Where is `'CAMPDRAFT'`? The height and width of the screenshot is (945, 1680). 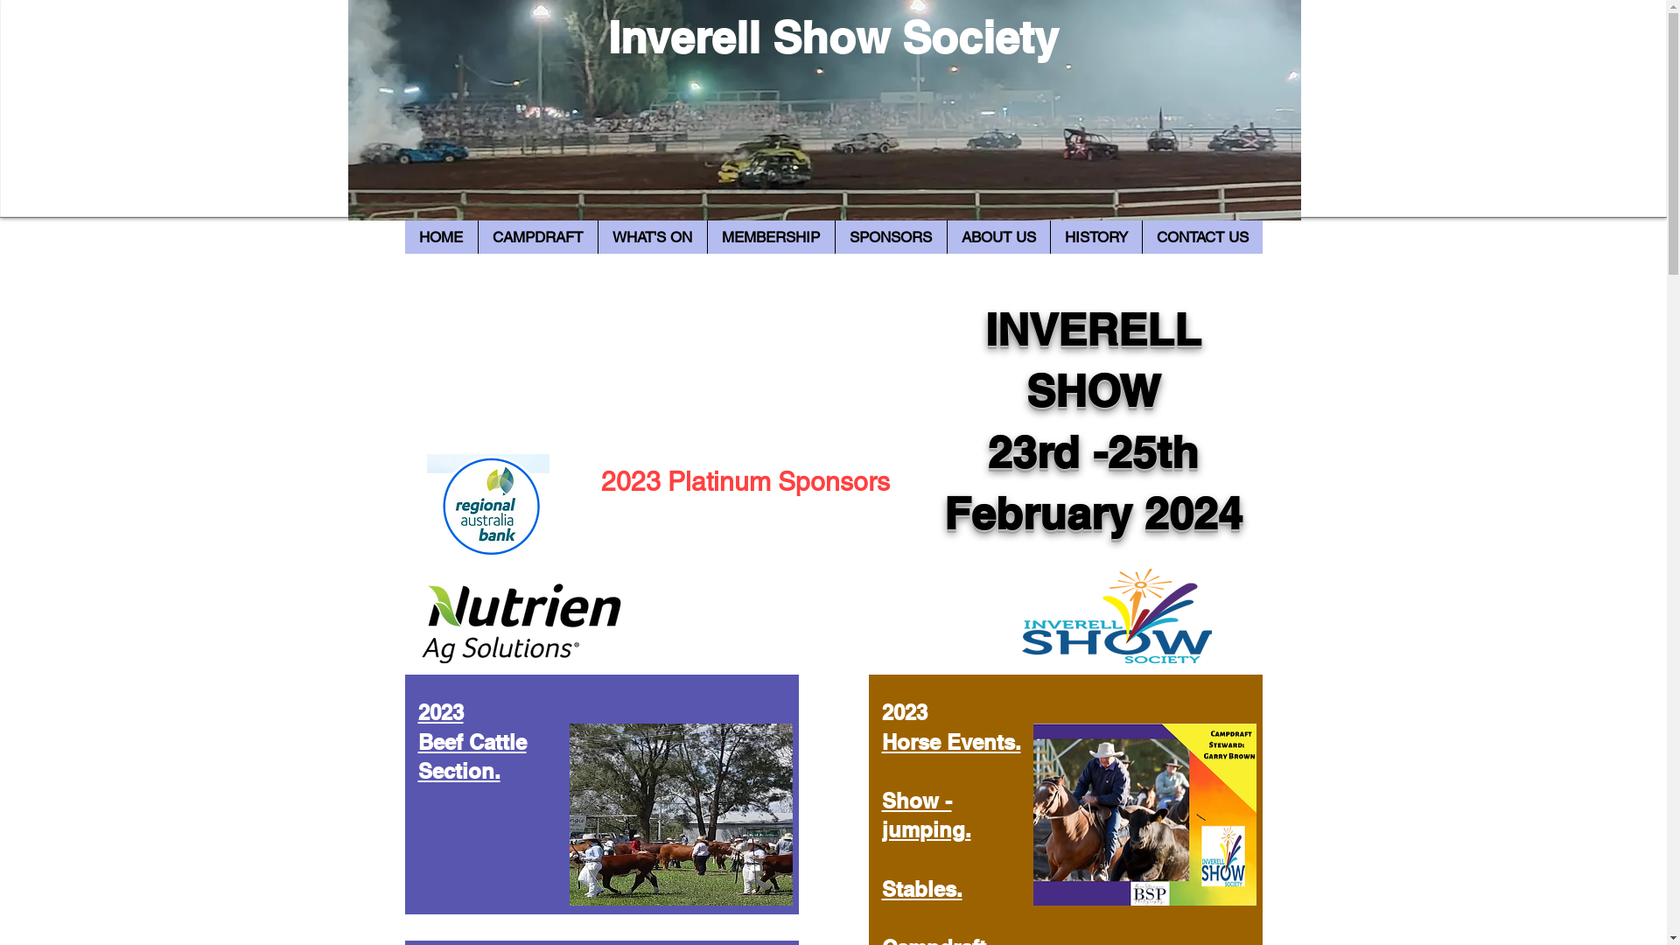 'CAMPDRAFT' is located at coordinates (536, 236).